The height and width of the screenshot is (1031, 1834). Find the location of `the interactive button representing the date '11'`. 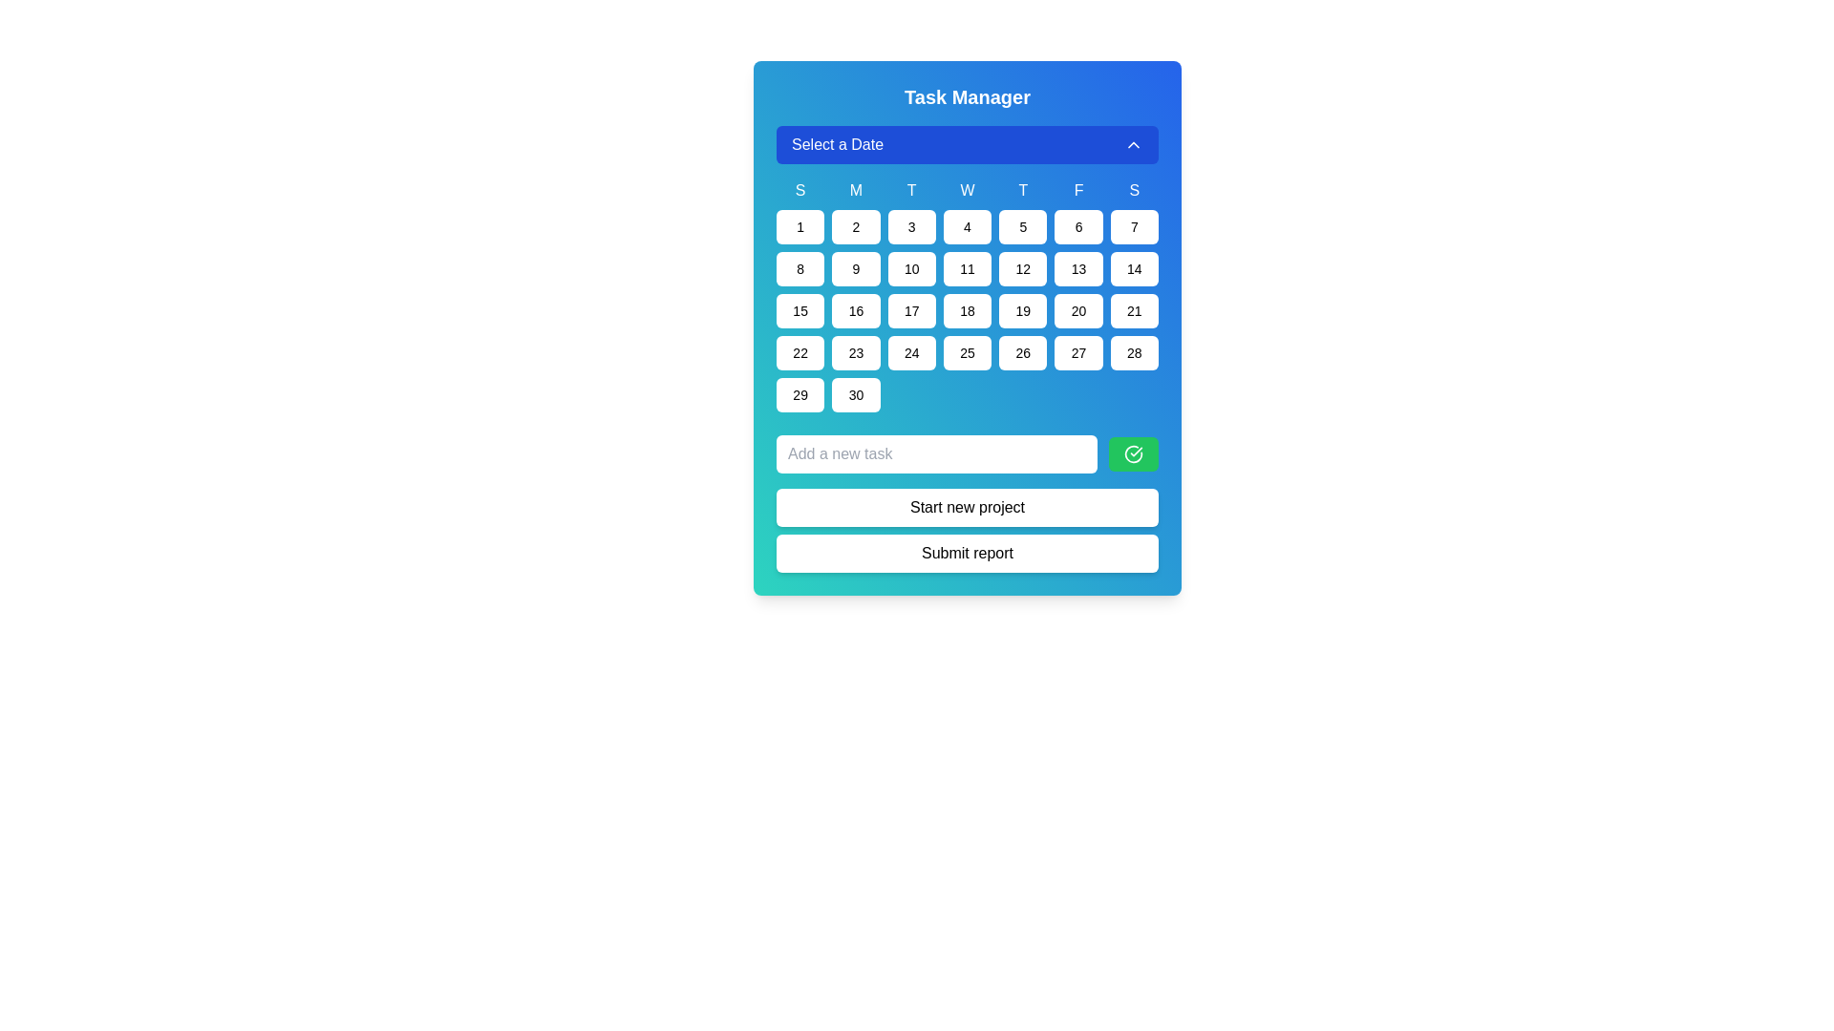

the interactive button representing the date '11' is located at coordinates (967, 268).